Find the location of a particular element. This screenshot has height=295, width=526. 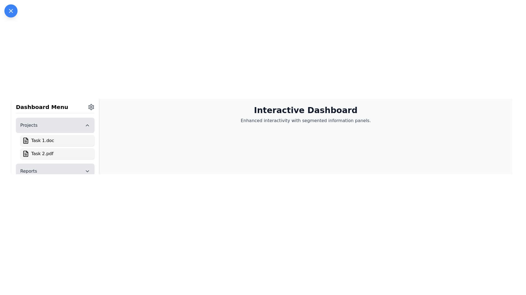

the list item representing 'Task 1.doc' is located at coordinates (55, 138).